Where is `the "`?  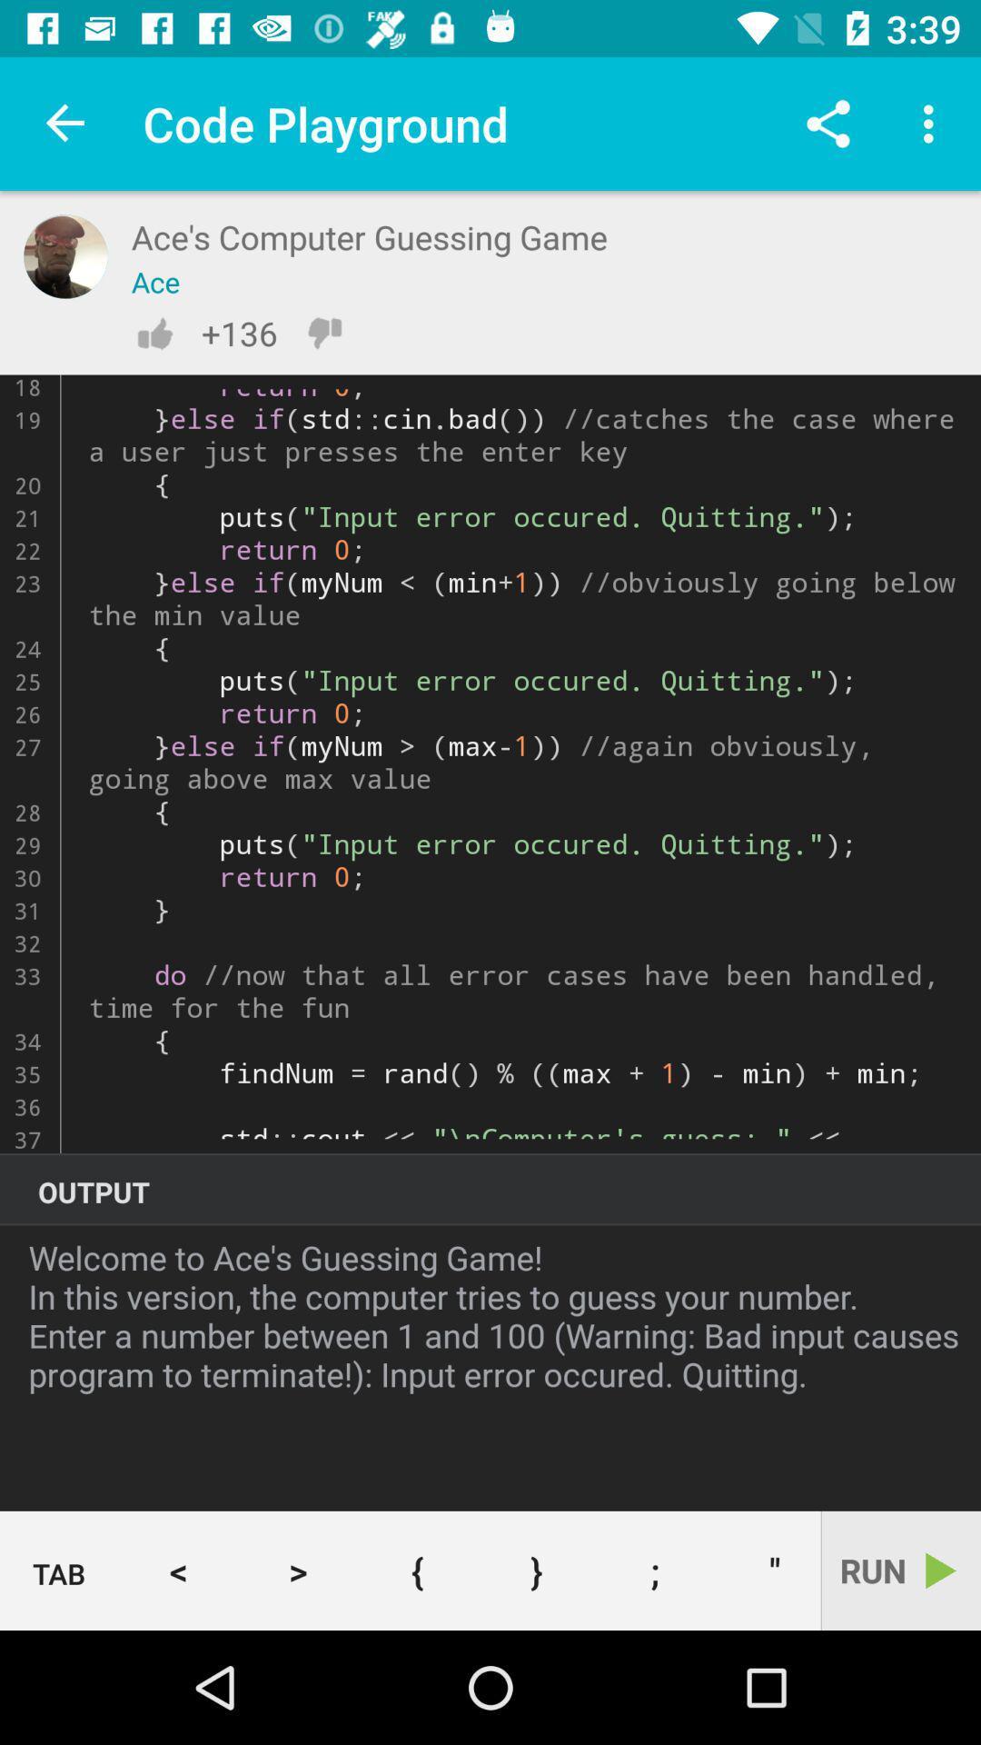 the " is located at coordinates (768, 1570).